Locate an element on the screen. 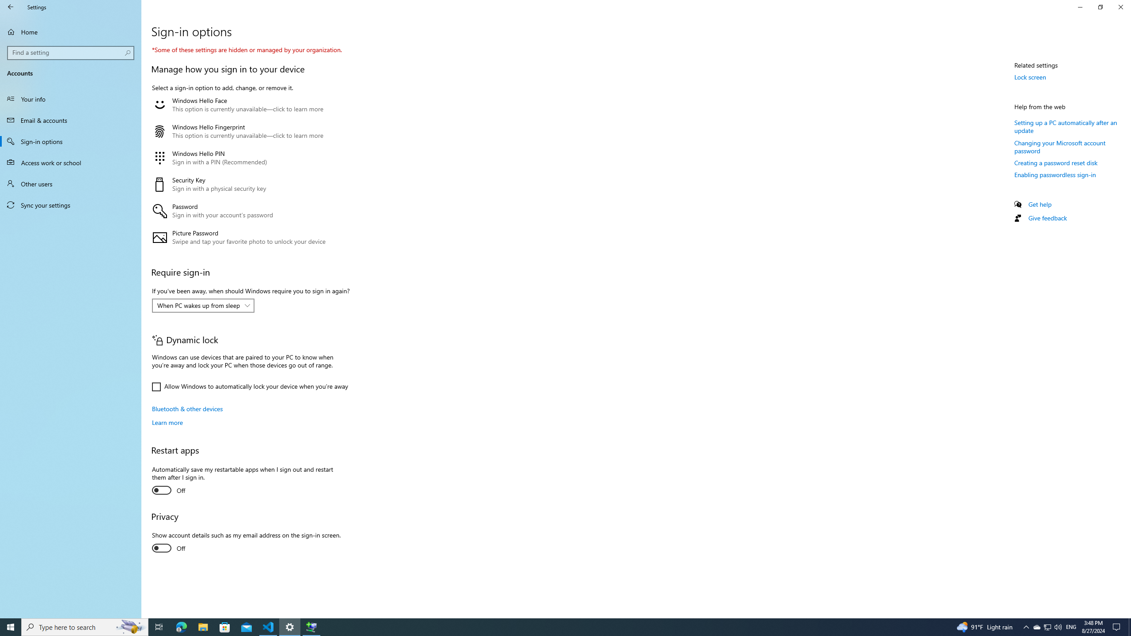 This screenshot has width=1131, height=636. 'Home' is located at coordinates (70, 32).